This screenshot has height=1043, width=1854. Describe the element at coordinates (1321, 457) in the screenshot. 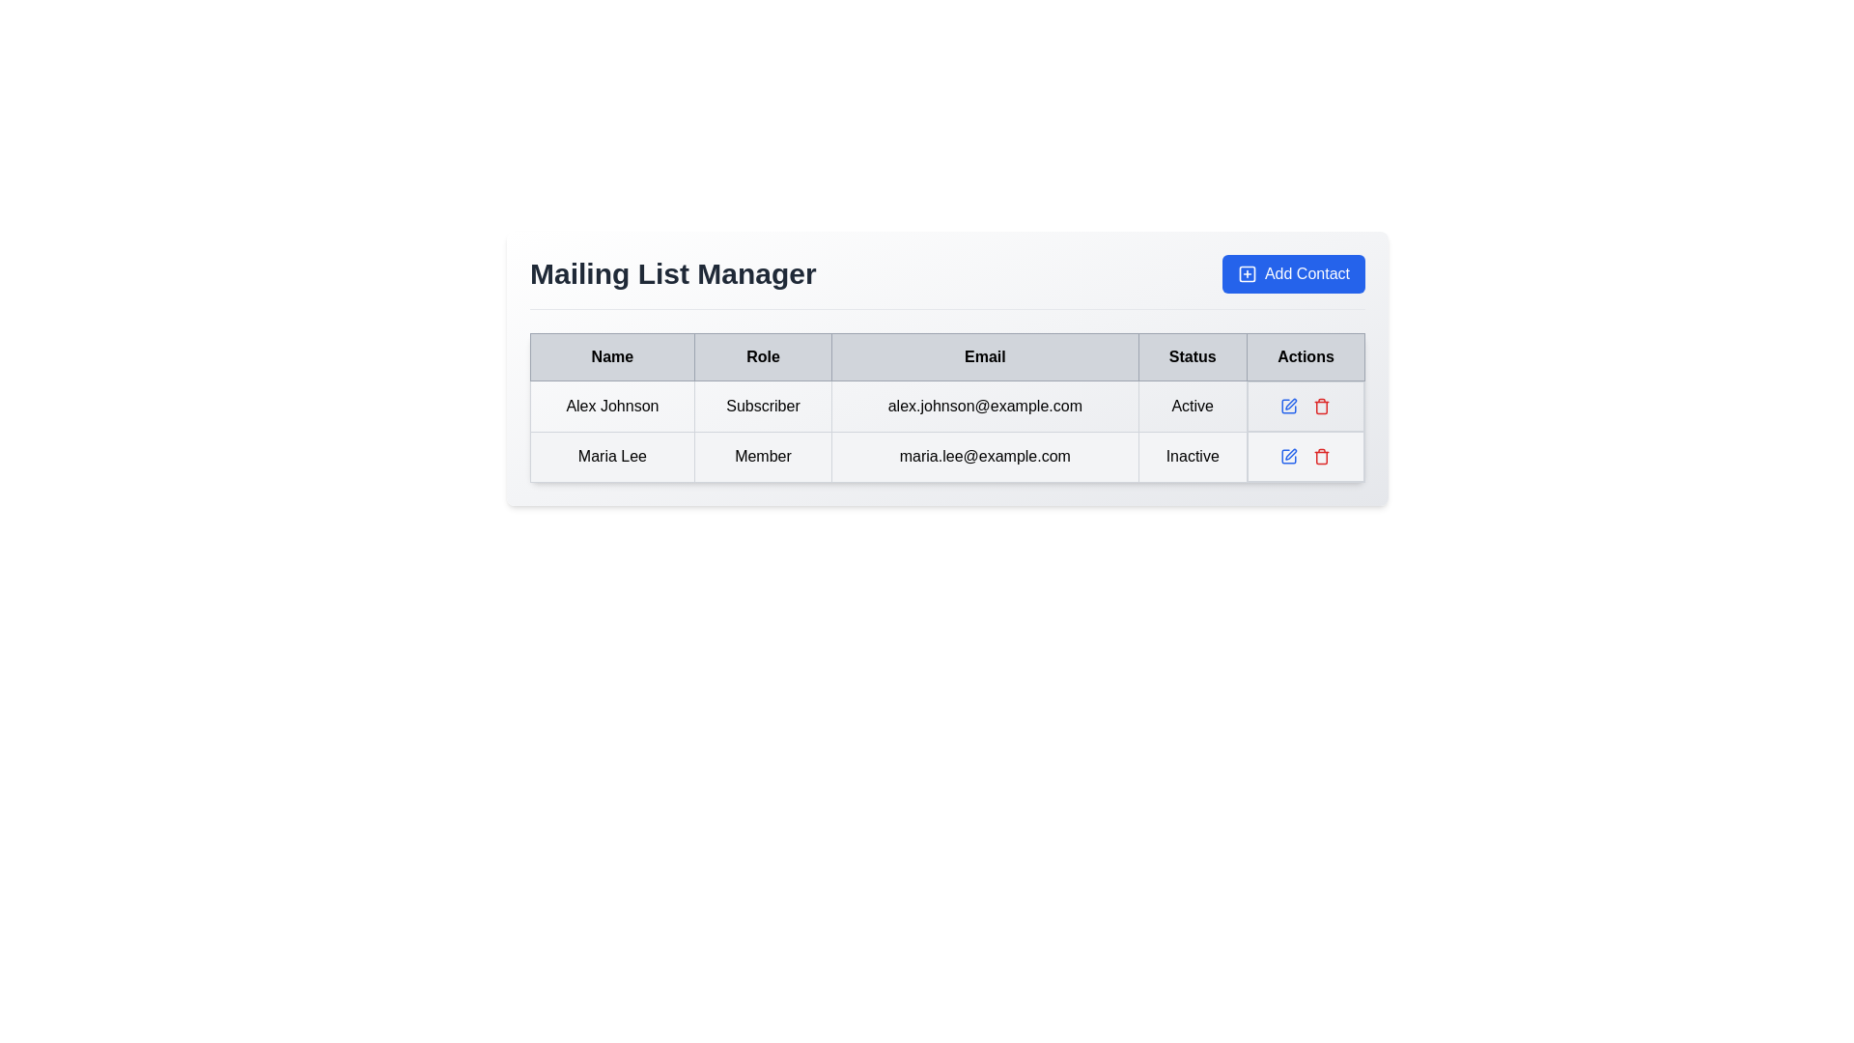

I see `the delete icon button in the 'Actions' column of the table` at that location.